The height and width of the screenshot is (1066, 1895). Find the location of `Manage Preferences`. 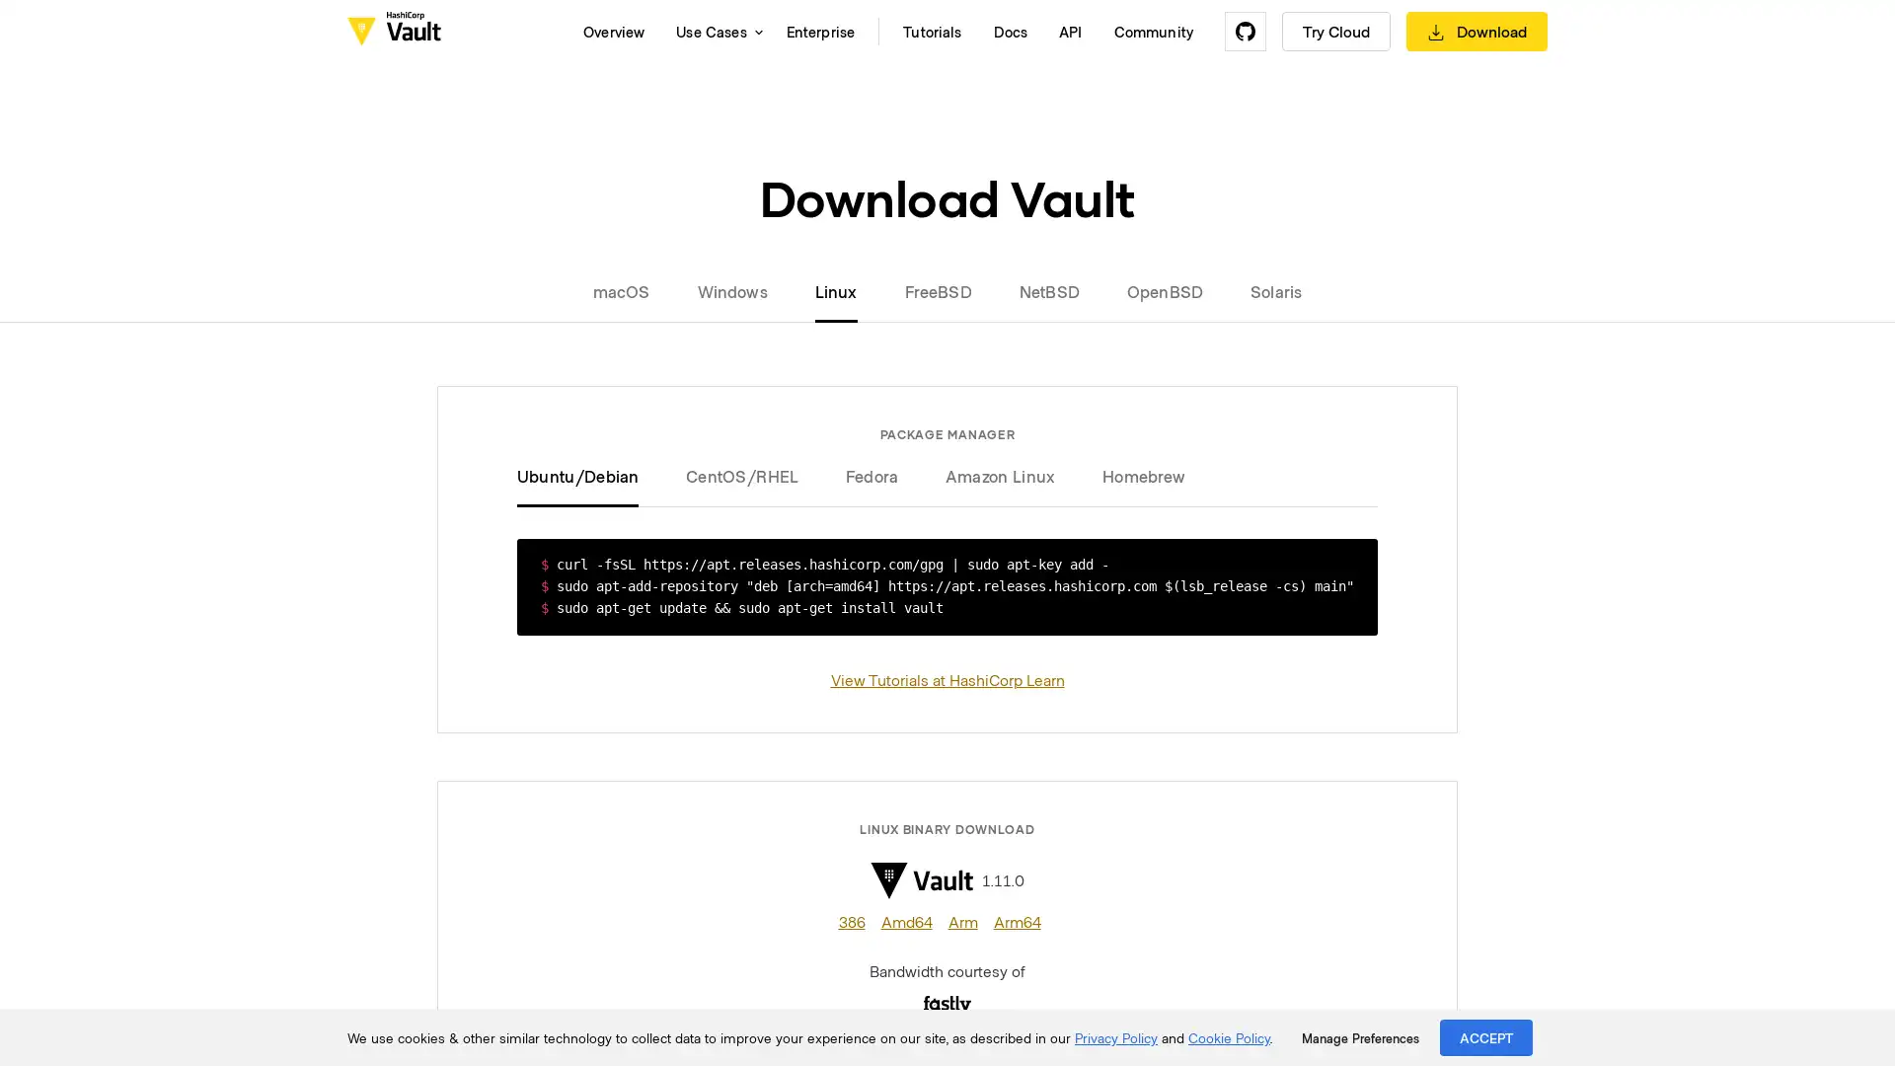

Manage Preferences is located at coordinates (1359, 1037).